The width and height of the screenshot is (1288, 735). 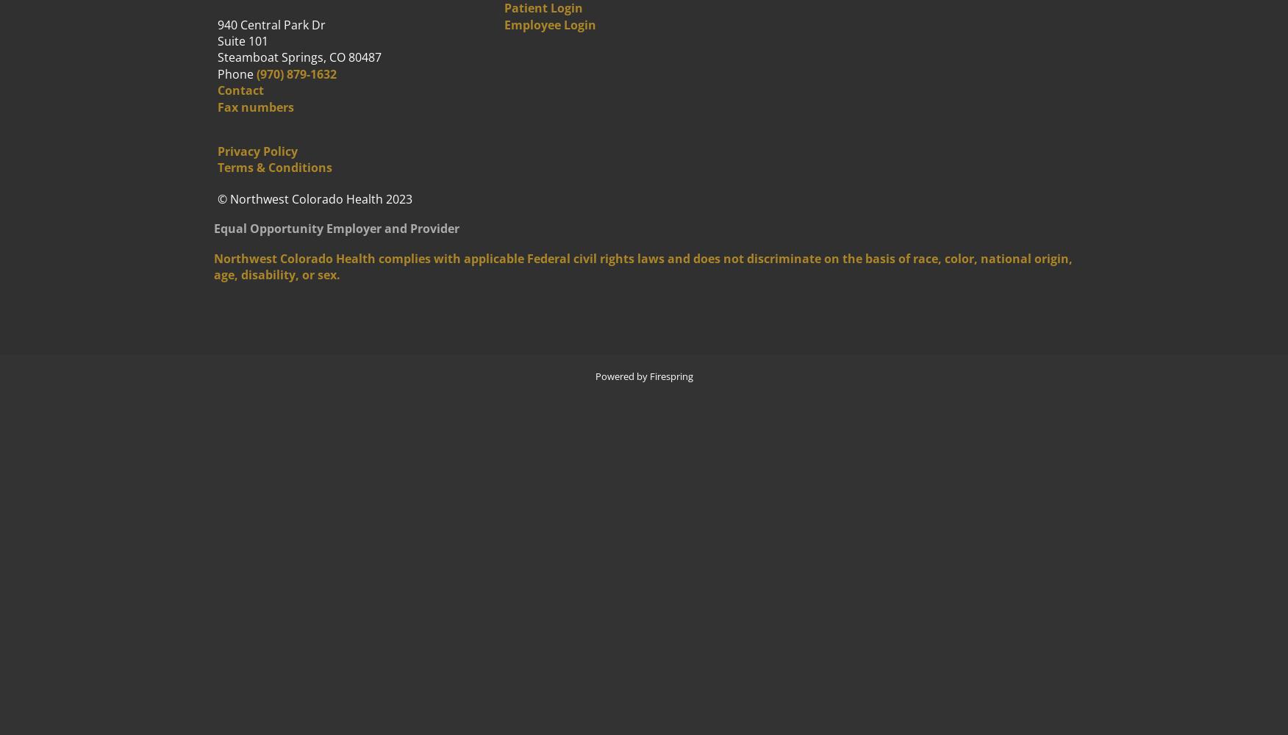 What do you see at coordinates (255, 107) in the screenshot?
I see `'Fax numbers'` at bounding box center [255, 107].